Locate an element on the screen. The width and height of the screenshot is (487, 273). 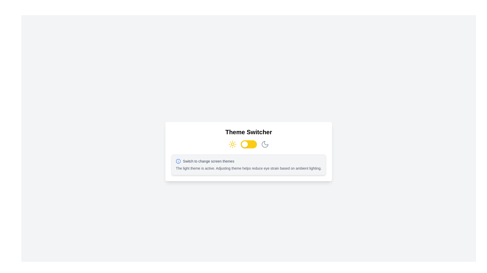
the text box with an information icon located in the bottom section of the 'Theme Switcher' card, which provides descriptive information about the theme toggle feature is located at coordinates (249, 165).